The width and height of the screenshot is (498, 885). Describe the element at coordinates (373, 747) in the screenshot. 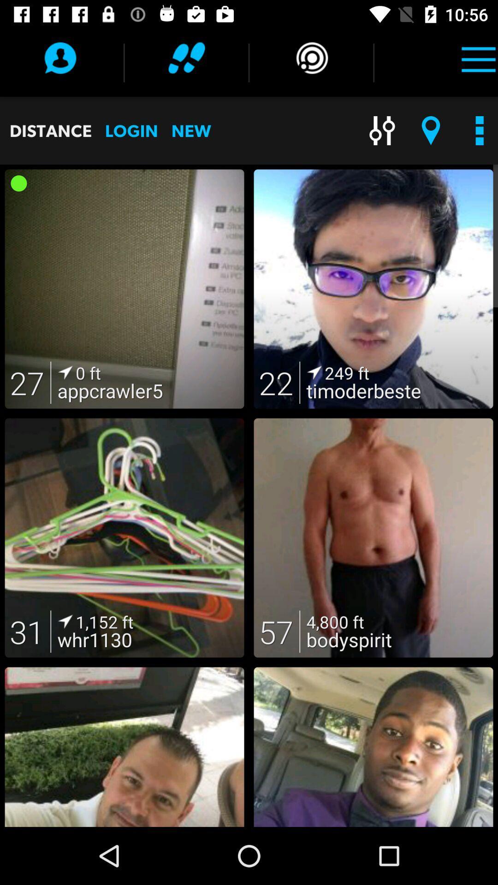

I see `the second image in the third row` at that location.